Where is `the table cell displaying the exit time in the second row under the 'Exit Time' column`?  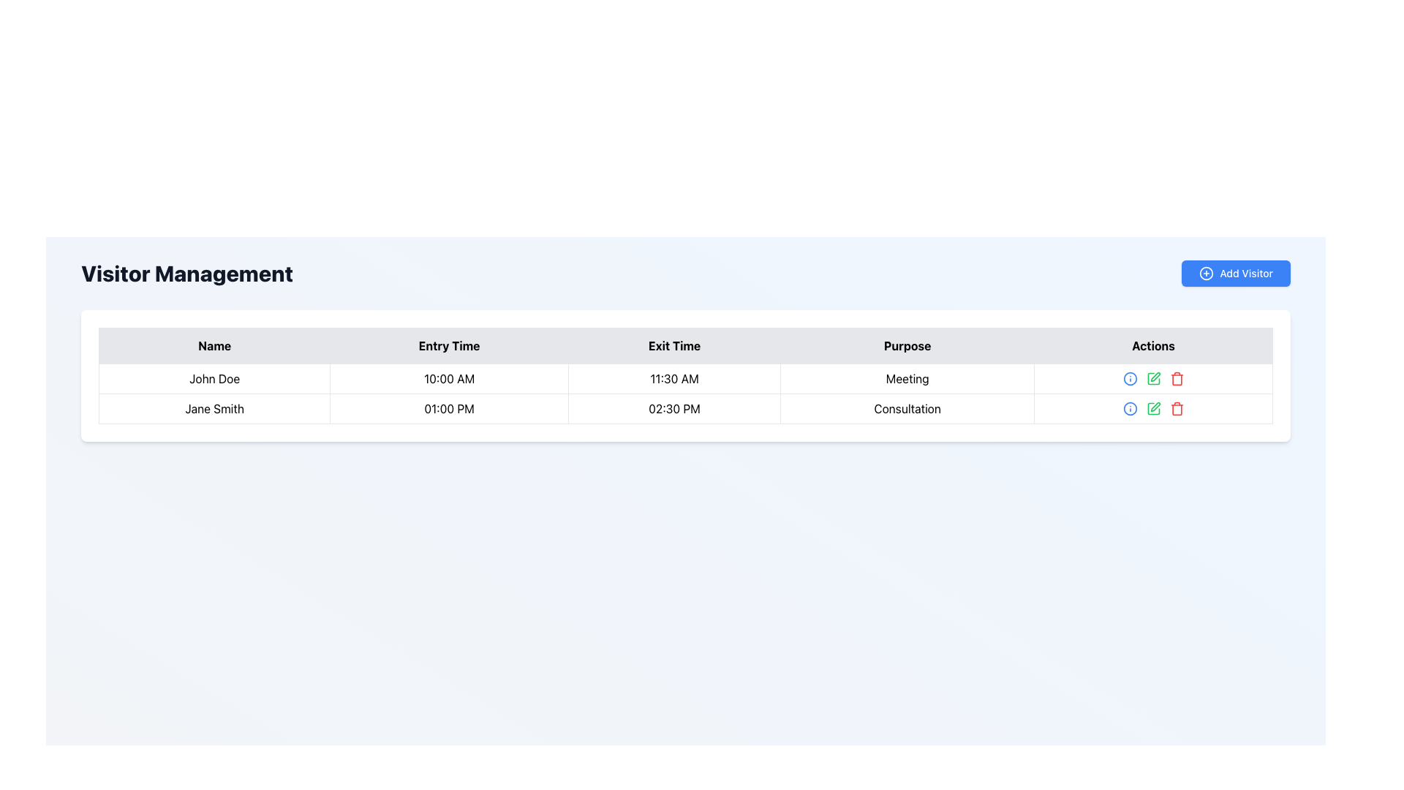 the table cell displaying the exit time in the second row under the 'Exit Time' column is located at coordinates (684, 392).